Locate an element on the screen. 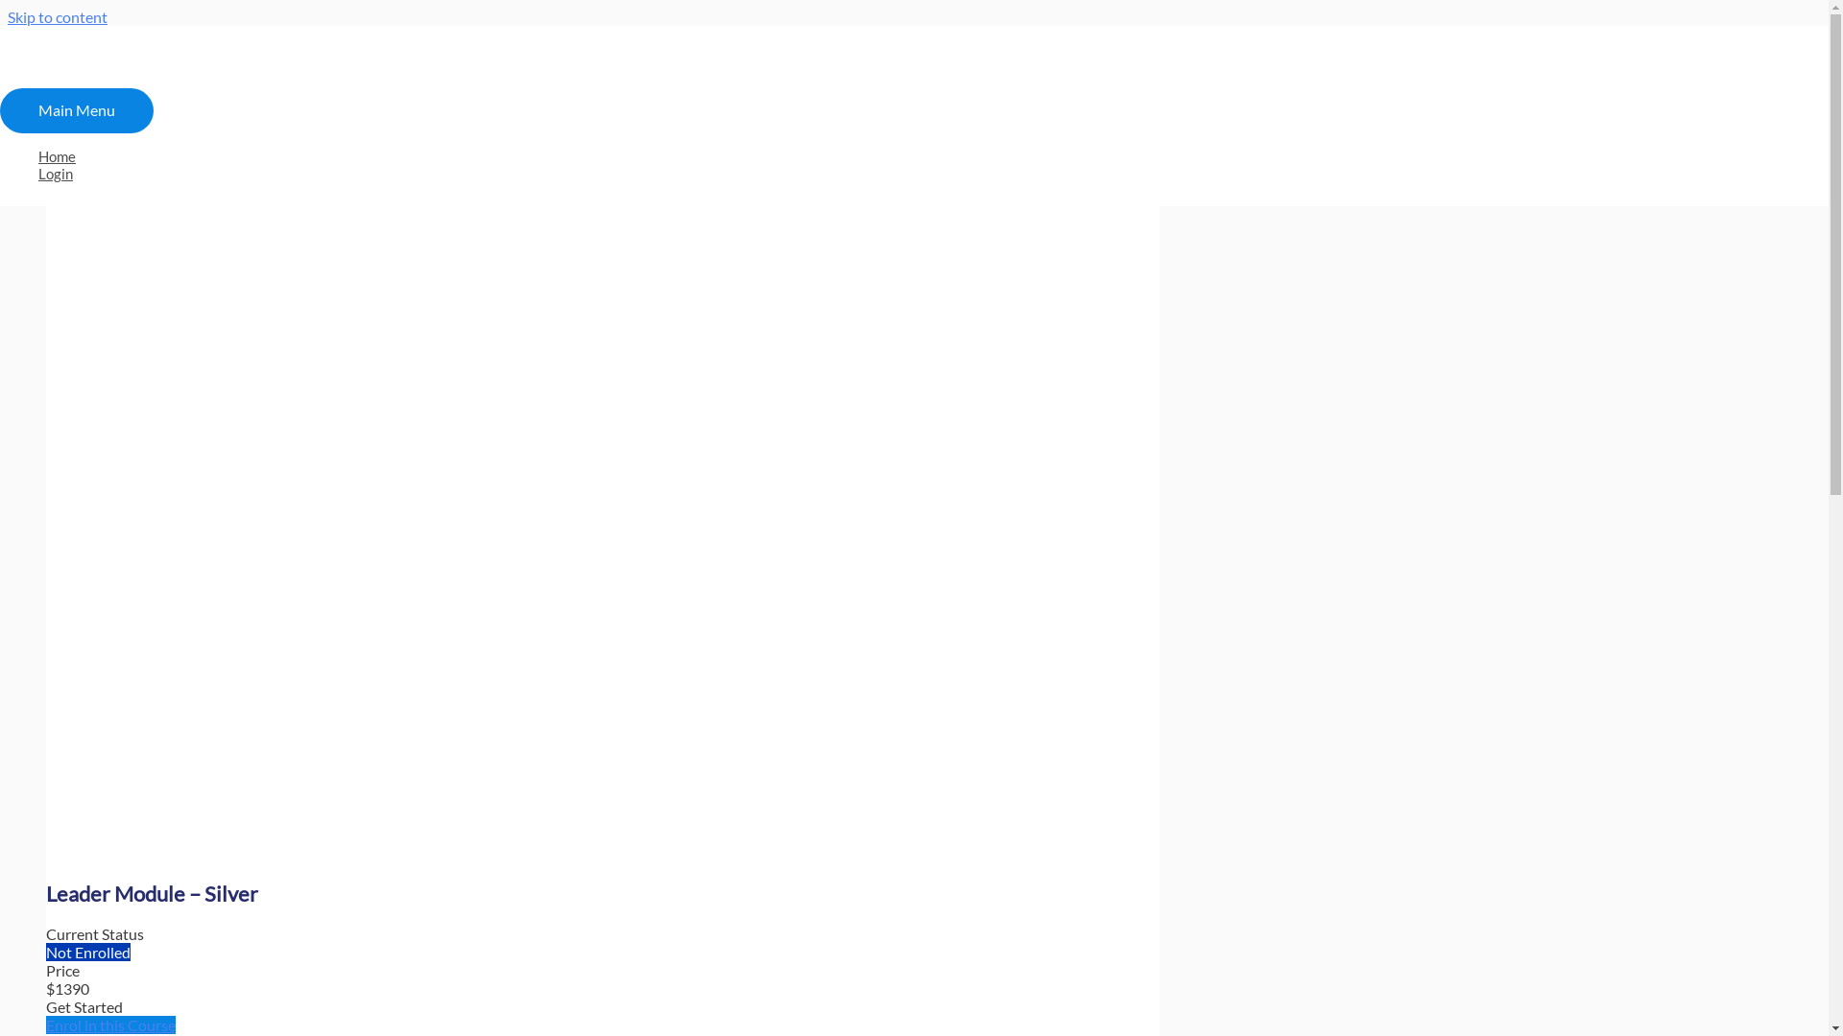  'Home' is located at coordinates (612, 154).